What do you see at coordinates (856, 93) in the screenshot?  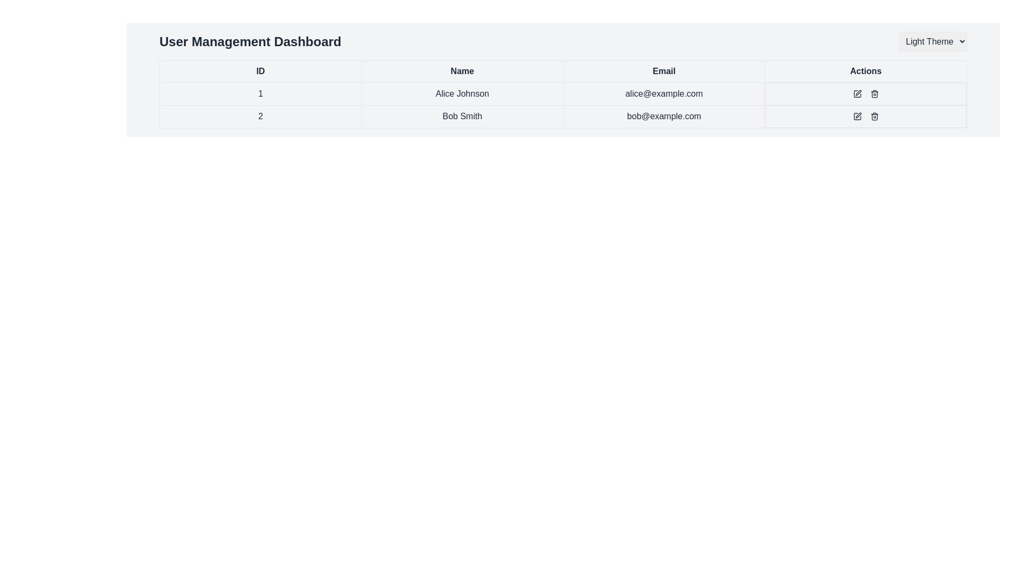 I see `the SVG icon button with a pen overlay located in the Actions column of the User Management Dashboard for the user 'Alice Johnson'` at bounding box center [856, 93].